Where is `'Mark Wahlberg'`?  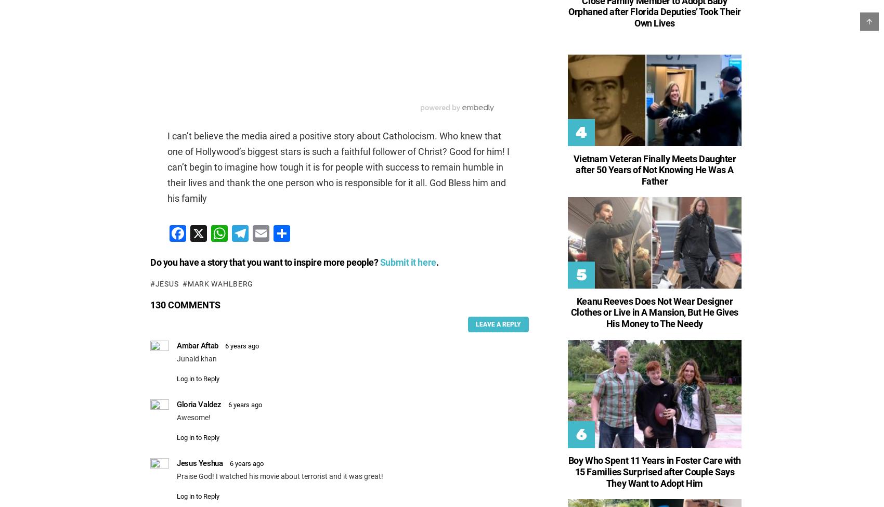 'Mark Wahlberg' is located at coordinates (219, 283).